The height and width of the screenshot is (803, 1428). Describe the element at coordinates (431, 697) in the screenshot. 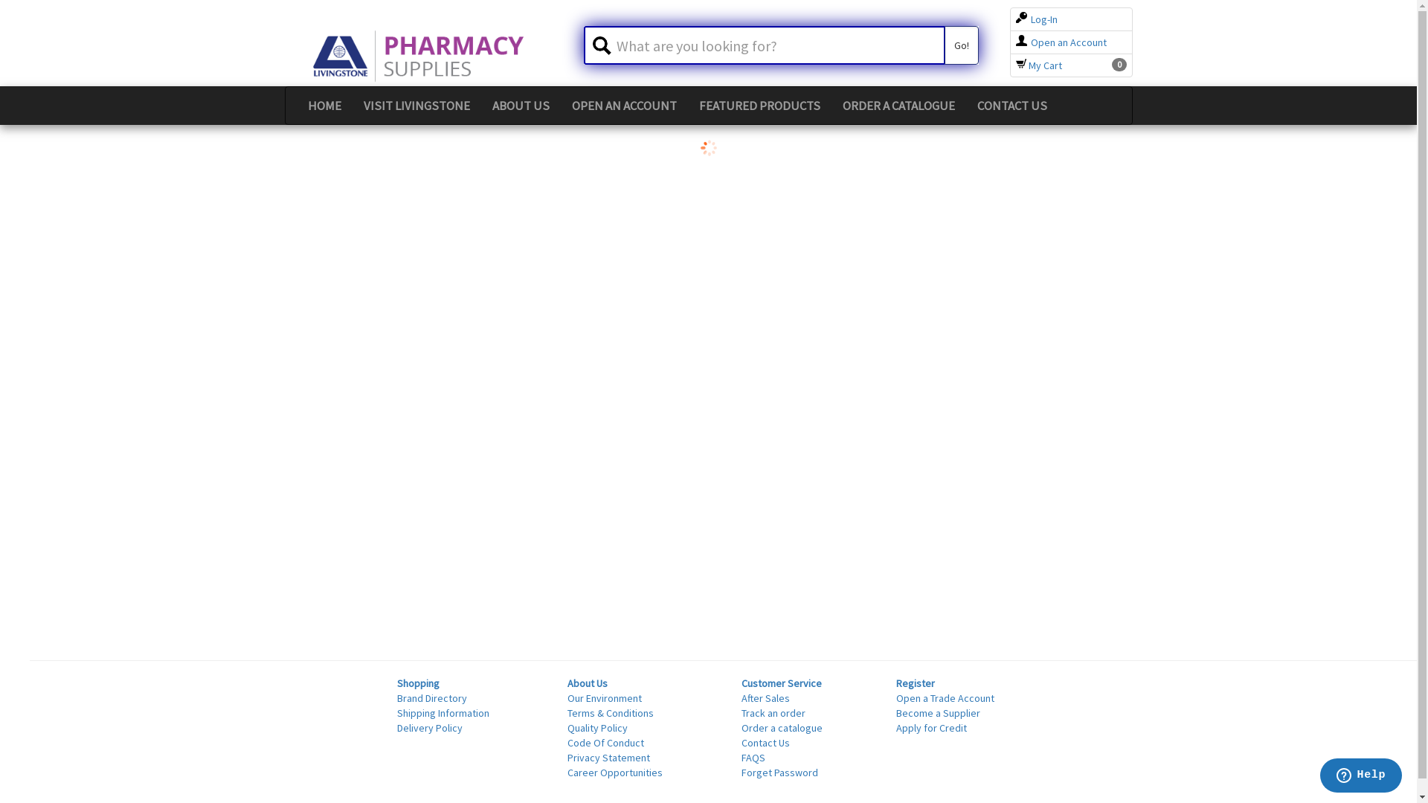

I see `'Brand Directory'` at that location.